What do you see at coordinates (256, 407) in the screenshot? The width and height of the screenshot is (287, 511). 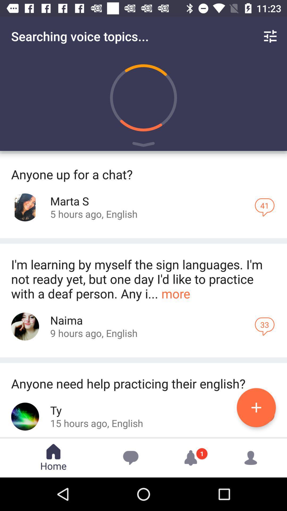 I see `increment button` at bounding box center [256, 407].